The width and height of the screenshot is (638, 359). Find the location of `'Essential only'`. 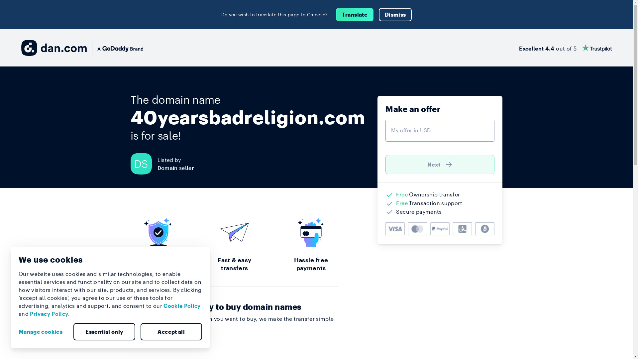

'Essential only' is located at coordinates (73, 332).